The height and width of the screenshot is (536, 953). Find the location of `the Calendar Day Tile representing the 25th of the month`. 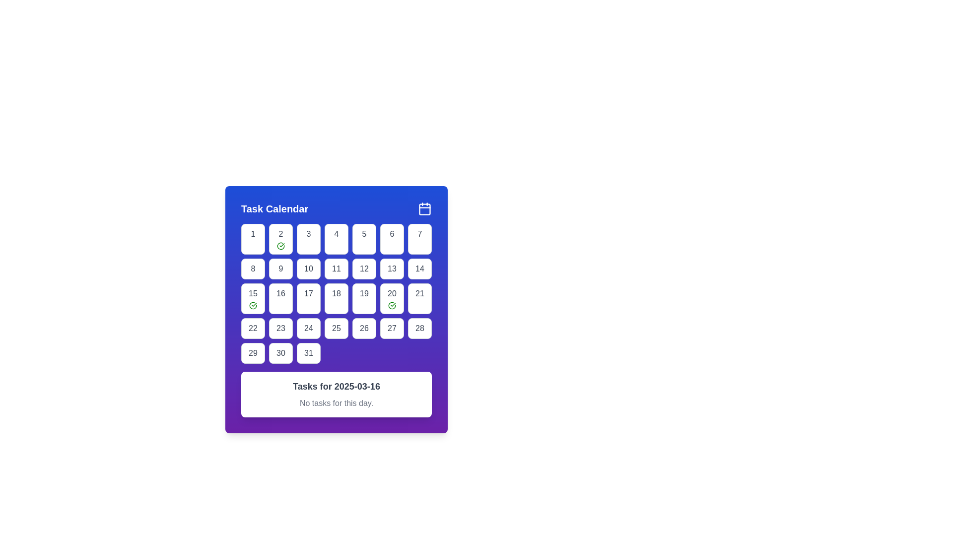

the Calendar Day Tile representing the 25th of the month is located at coordinates (336, 329).